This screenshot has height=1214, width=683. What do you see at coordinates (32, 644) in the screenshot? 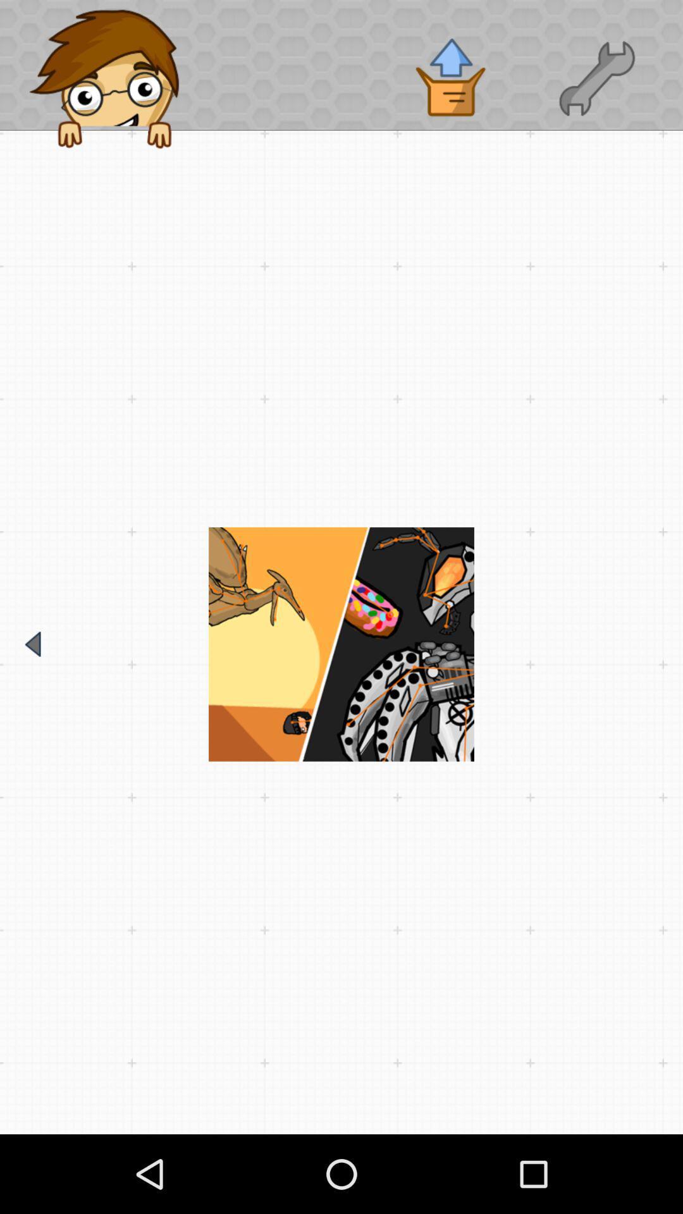
I see `the arrow_backward icon` at bounding box center [32, 644].